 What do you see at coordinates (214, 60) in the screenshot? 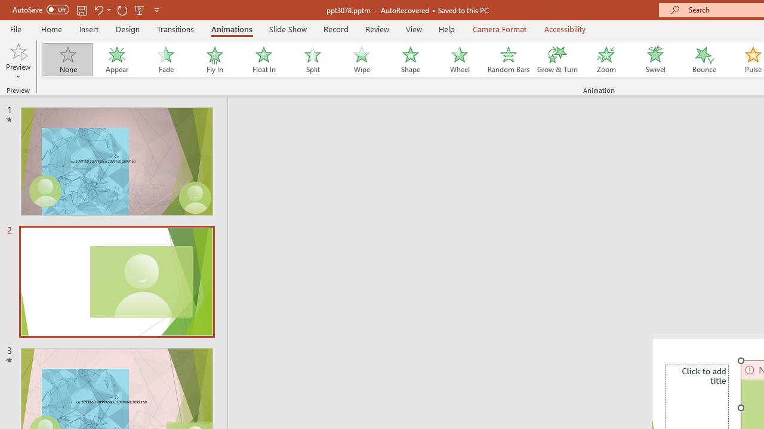
I see `'Fly In'` at bounding box center [214, 60].